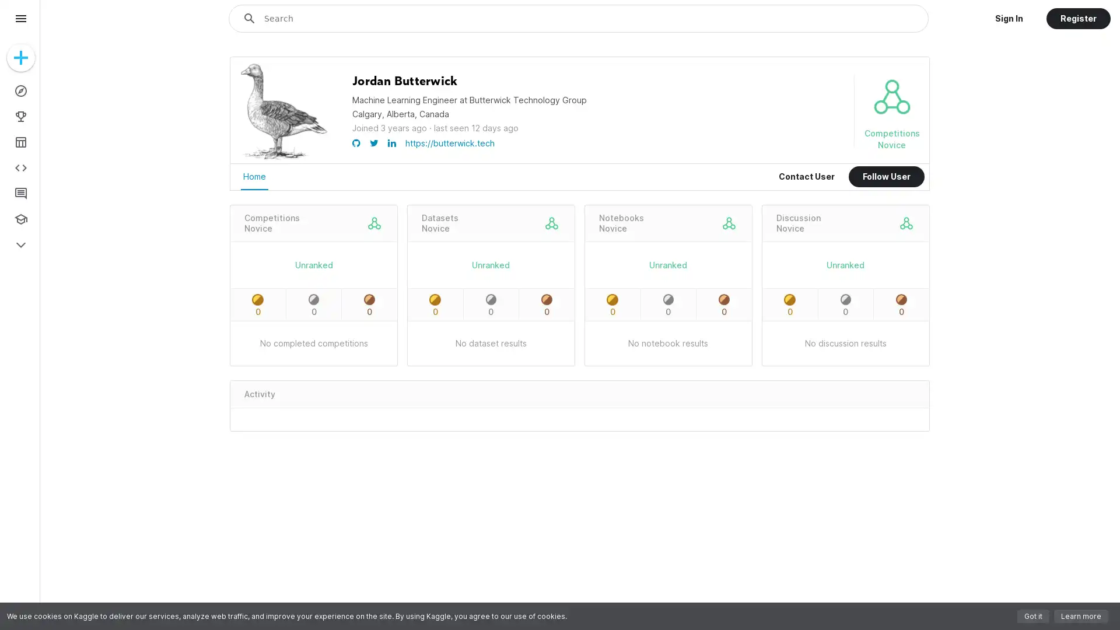 The height and width of the screenshot is (630, 1120). I want to click on Jordan Butterwick, so click(405, 80).